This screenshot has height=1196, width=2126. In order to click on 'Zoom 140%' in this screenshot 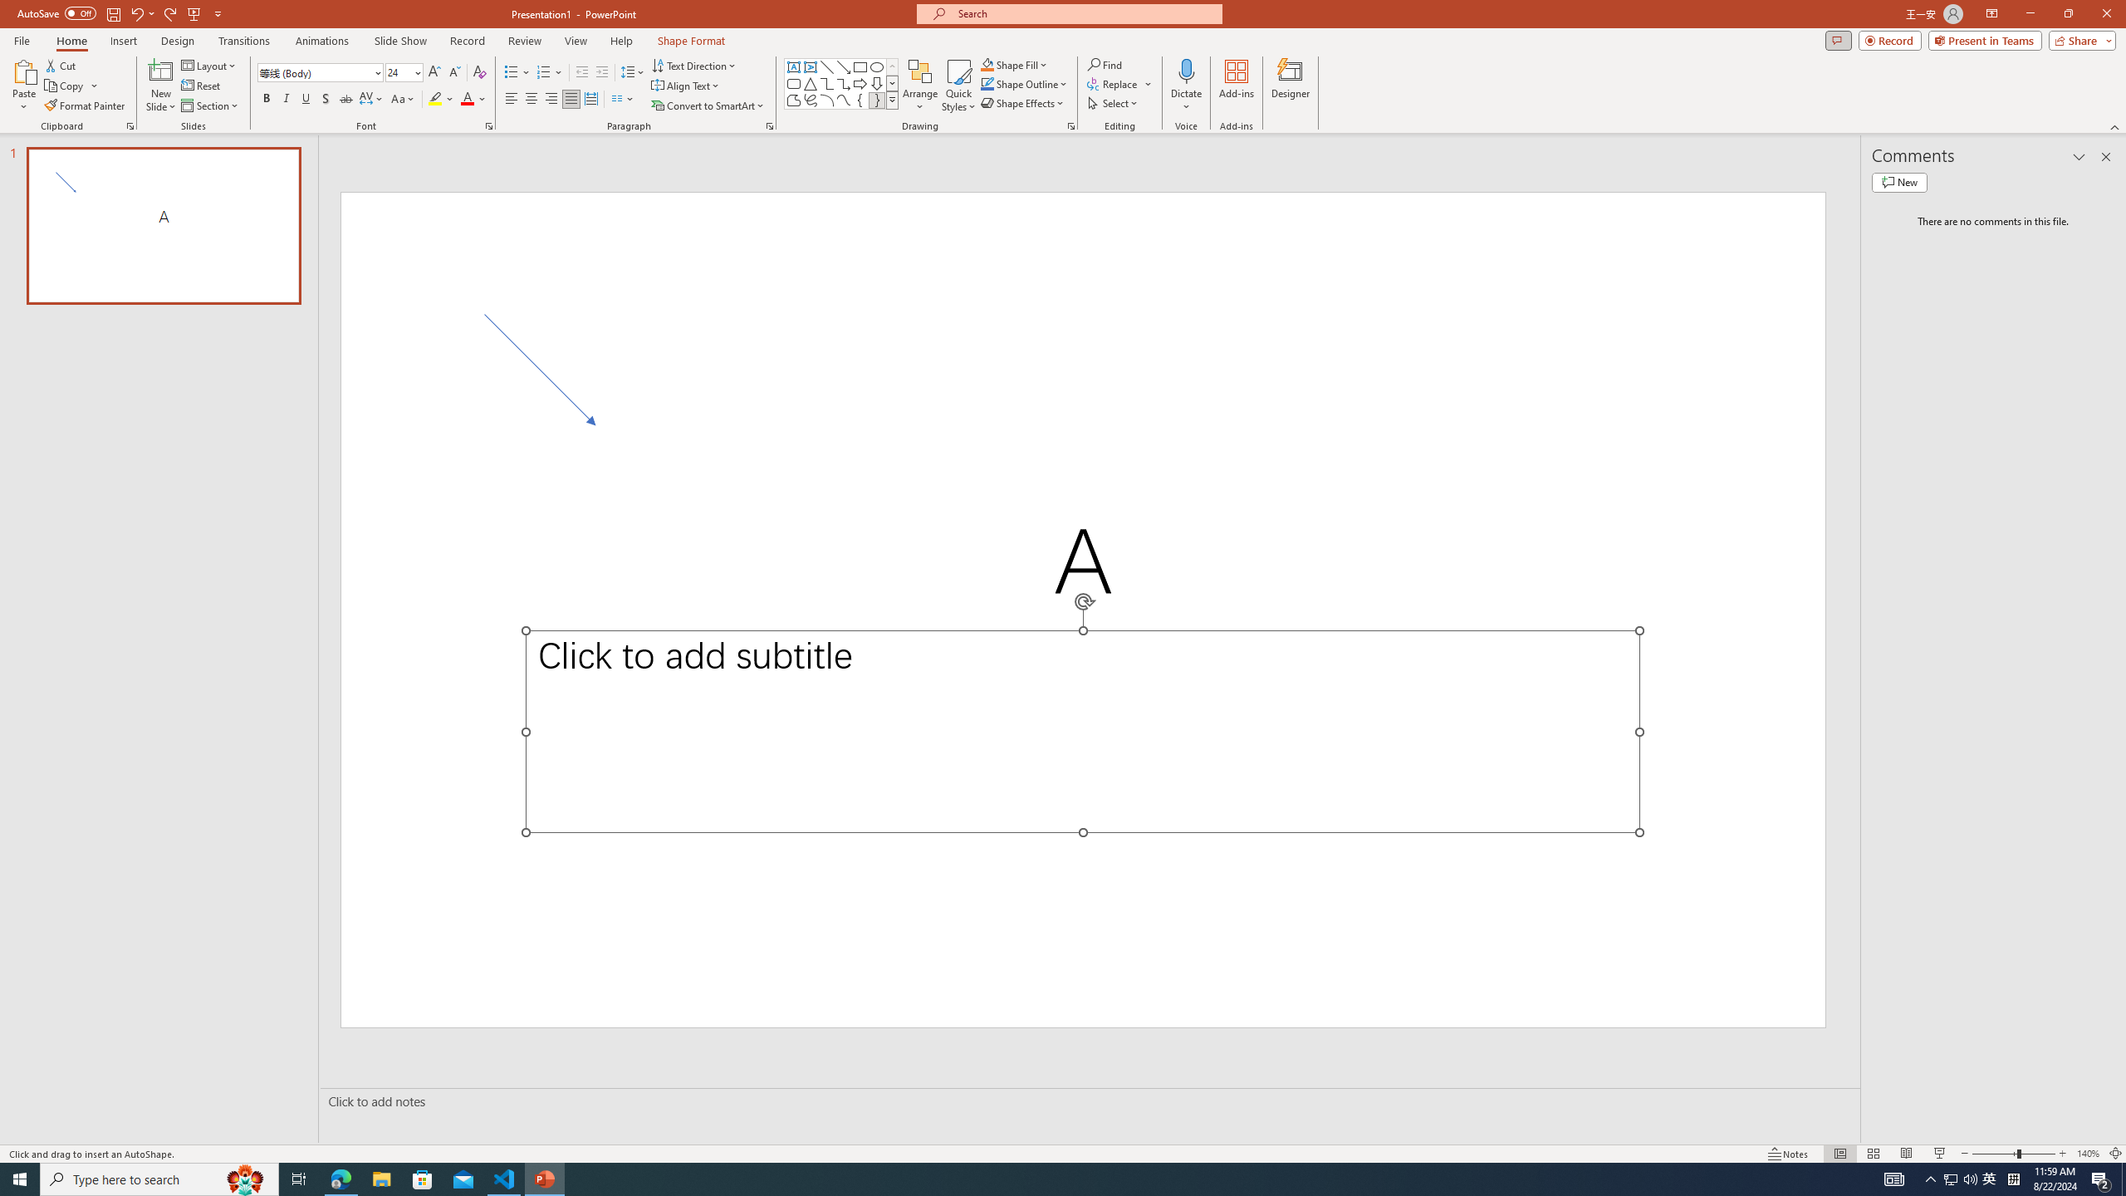, I will do `click(2089, 1154)`.